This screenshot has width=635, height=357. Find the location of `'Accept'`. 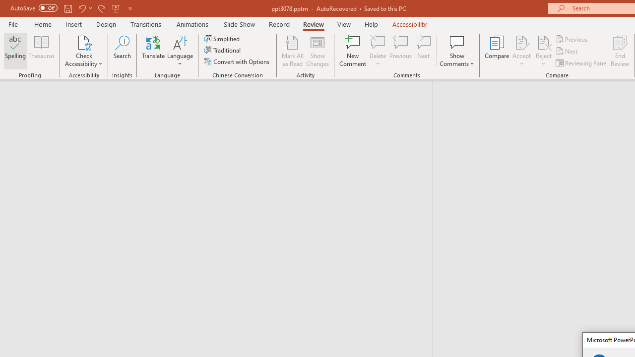

'Accept' is located at coordinates (521, 51).